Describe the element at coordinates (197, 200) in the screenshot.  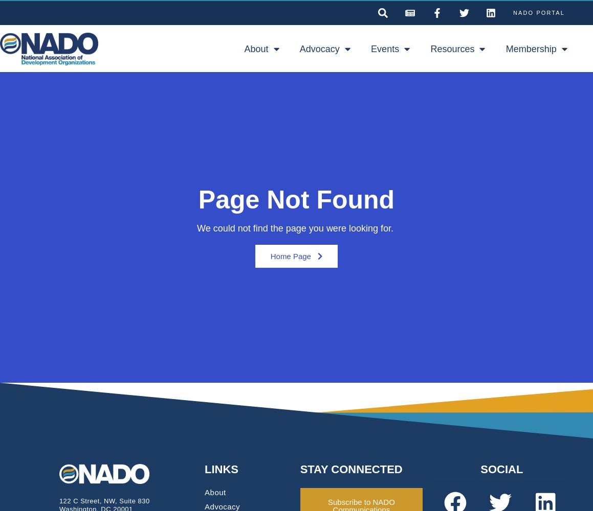
I see `'Page Not Found'` at that location.